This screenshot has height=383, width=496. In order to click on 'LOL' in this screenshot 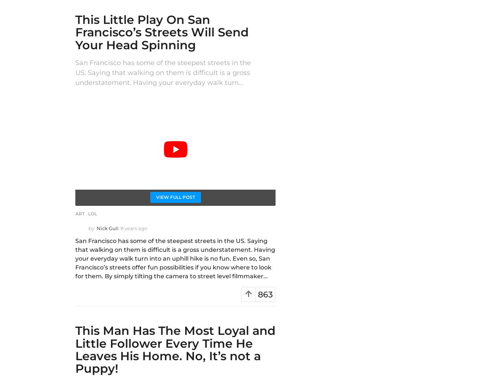, I will do `click(92, 213)`.